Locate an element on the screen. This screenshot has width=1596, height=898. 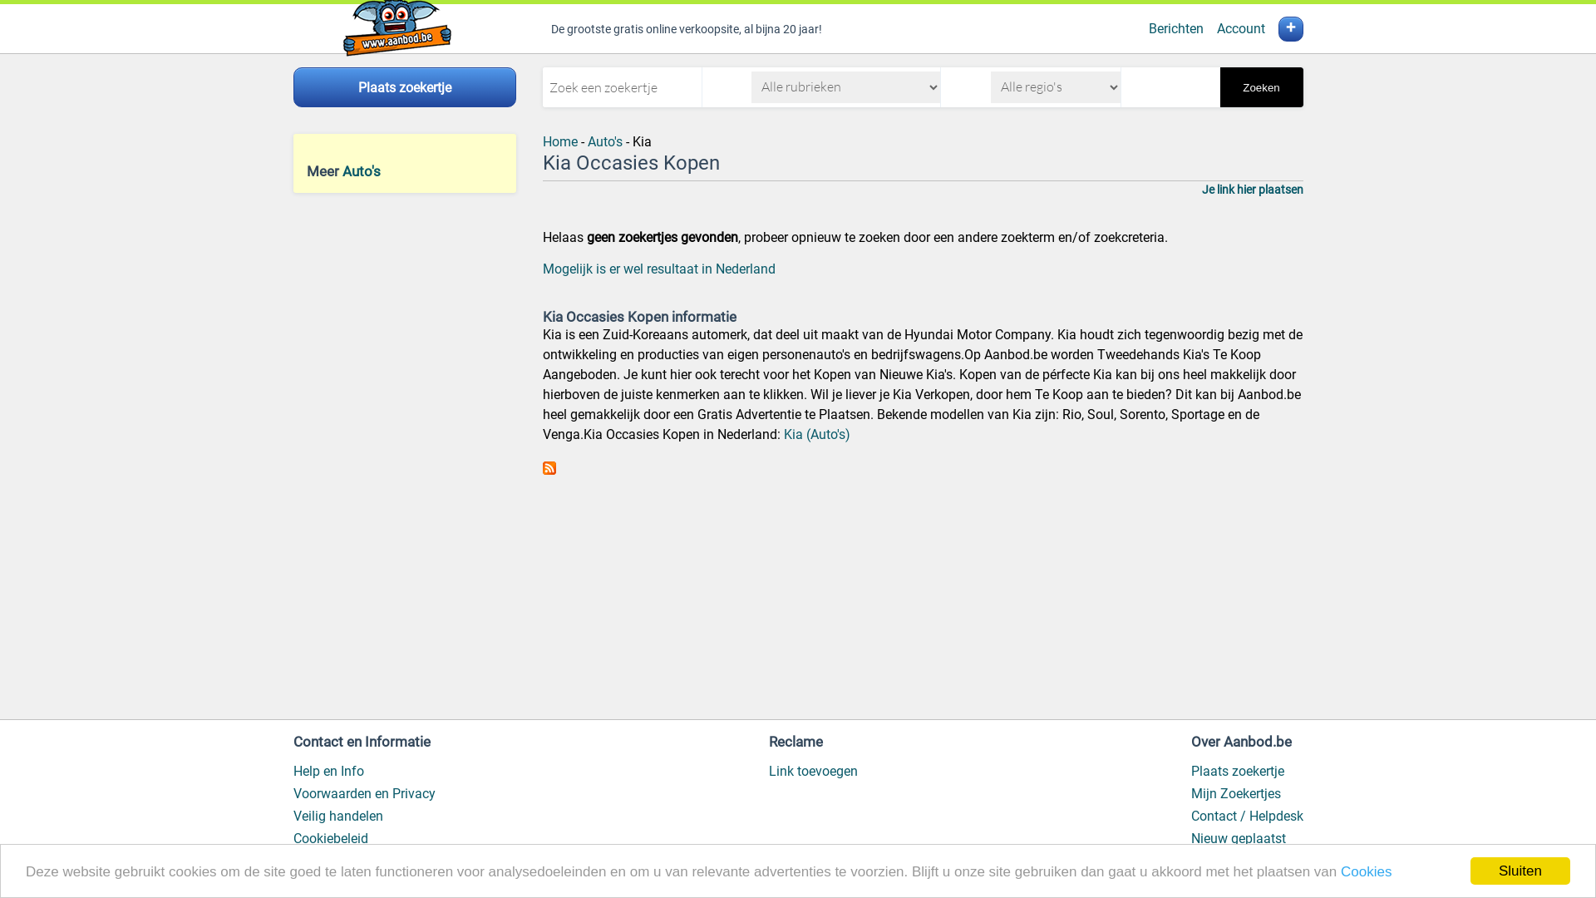
'Je link hier plaatsen' is located at coordinates (1253, 188).